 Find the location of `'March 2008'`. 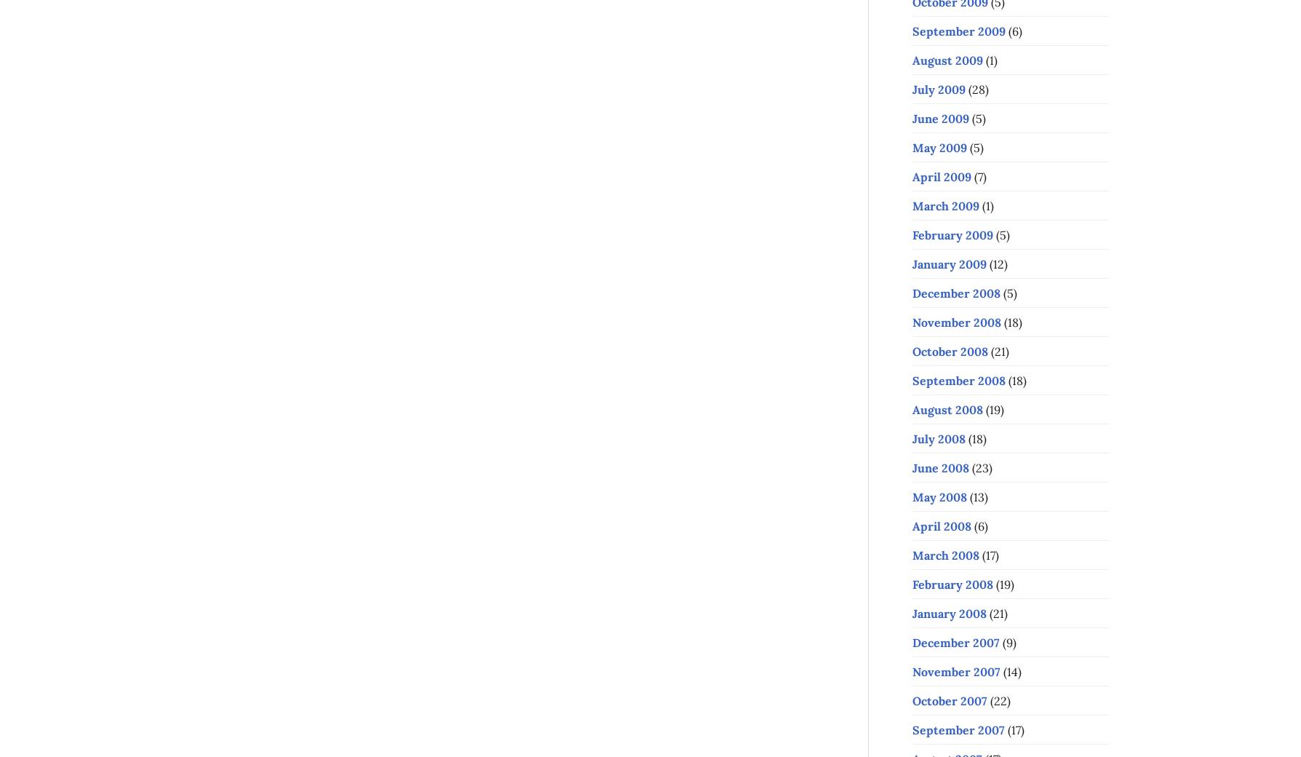

'March 2008' is located at coordinates (945, 555).